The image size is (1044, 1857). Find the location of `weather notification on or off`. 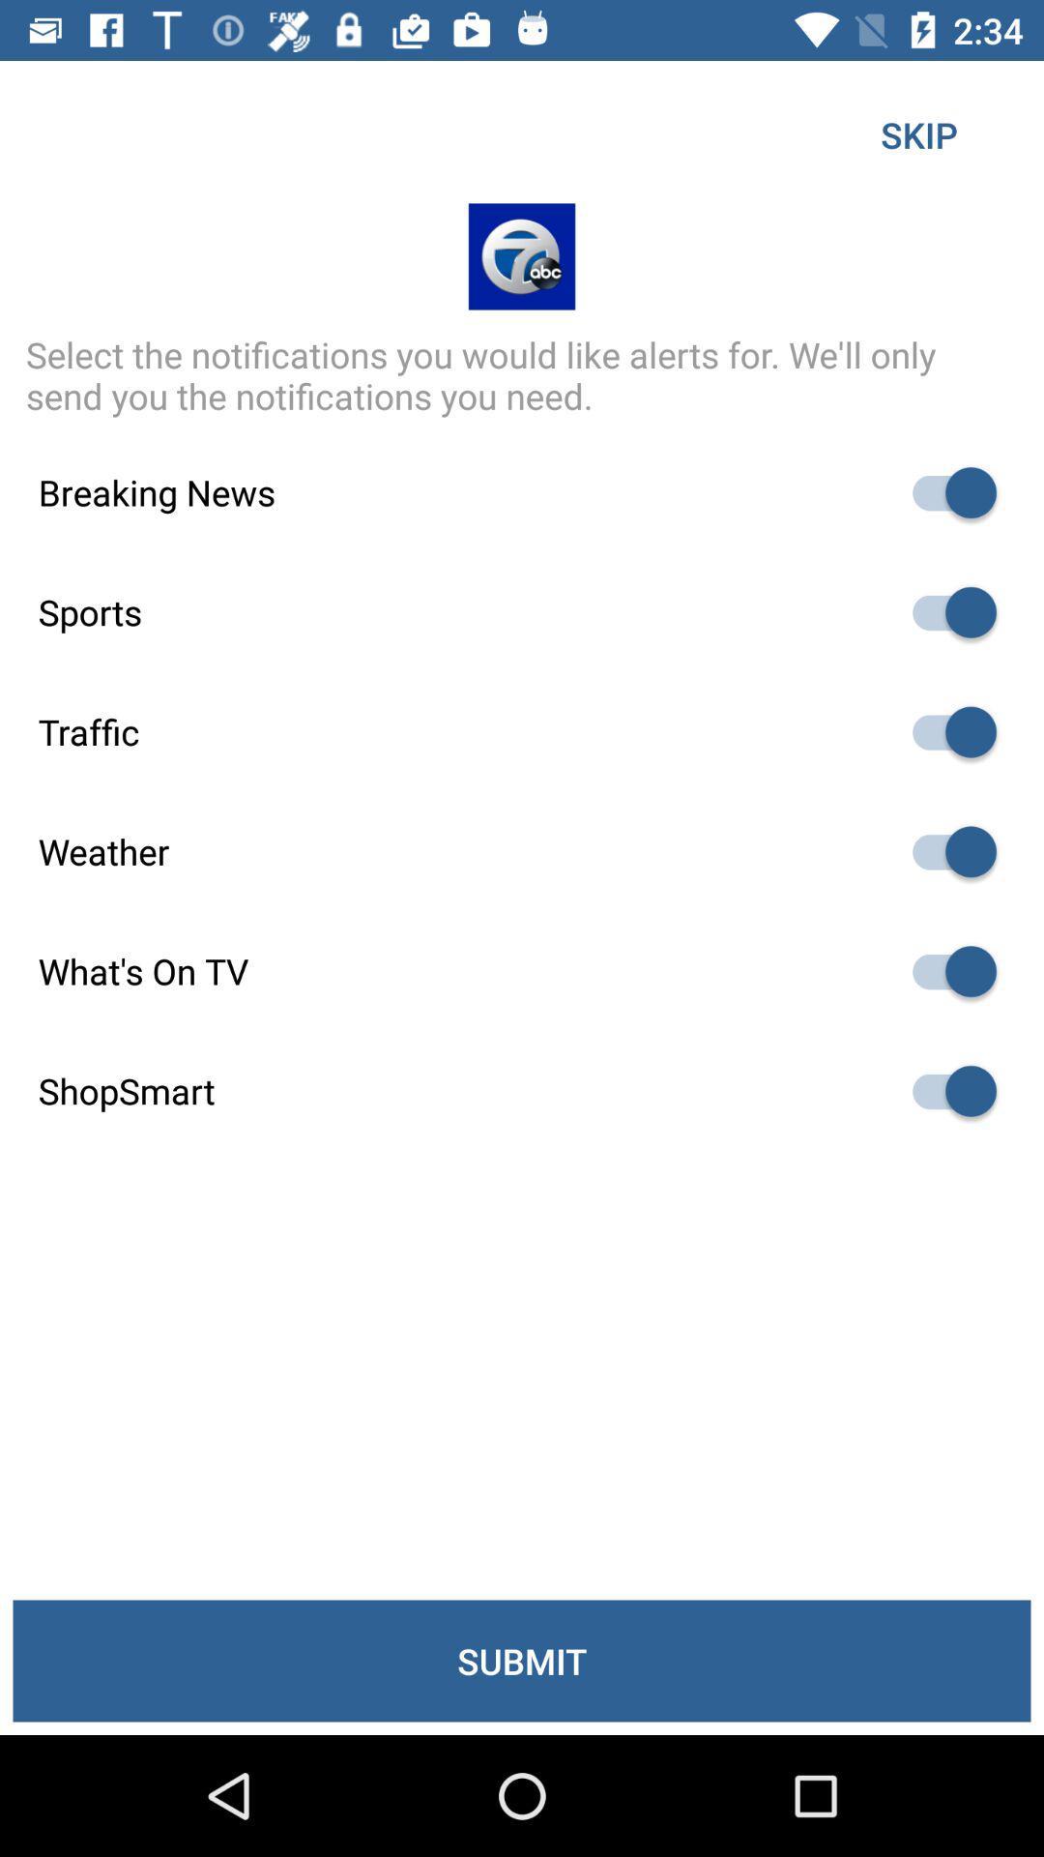

weather notification on or off is located at coordinates (944, 851).